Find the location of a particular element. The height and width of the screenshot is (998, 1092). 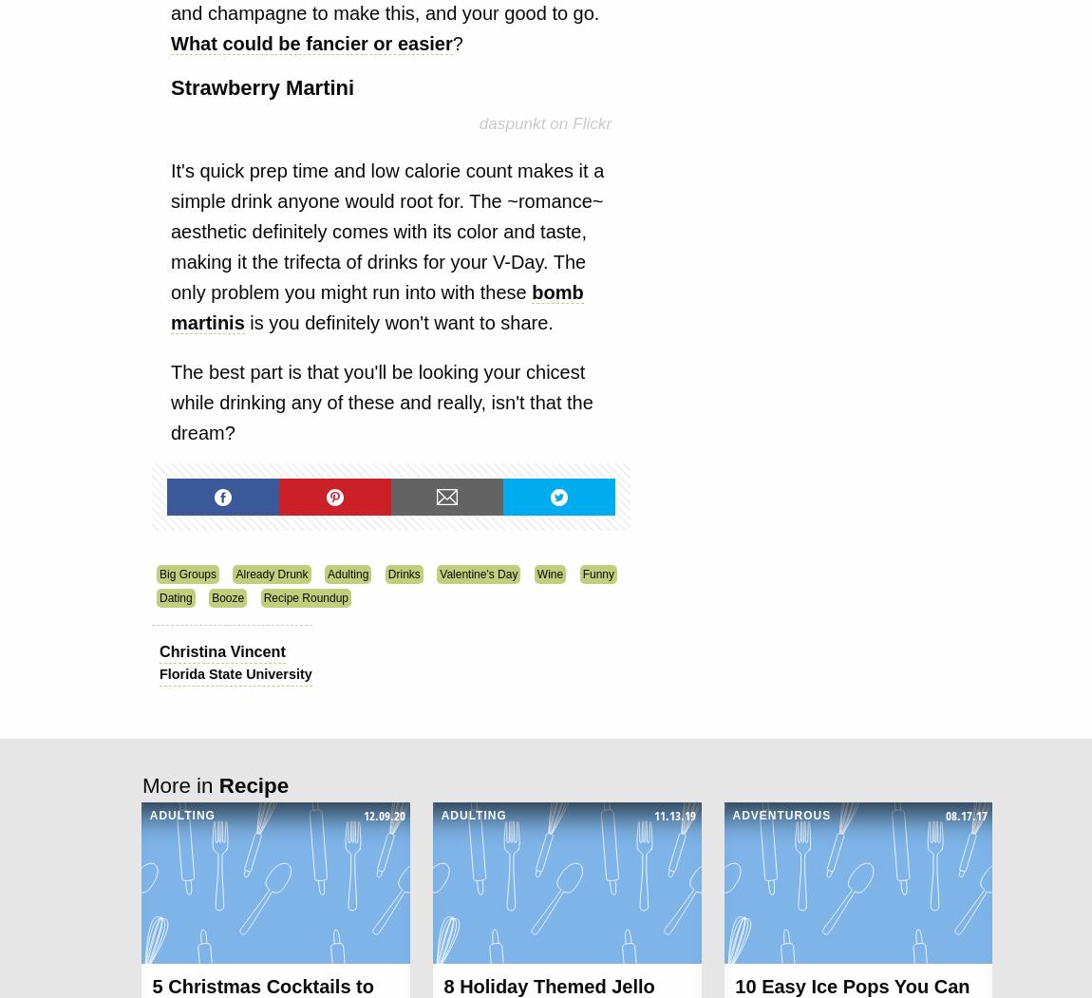

'Adventurous' is located at coordinates (781, 814).